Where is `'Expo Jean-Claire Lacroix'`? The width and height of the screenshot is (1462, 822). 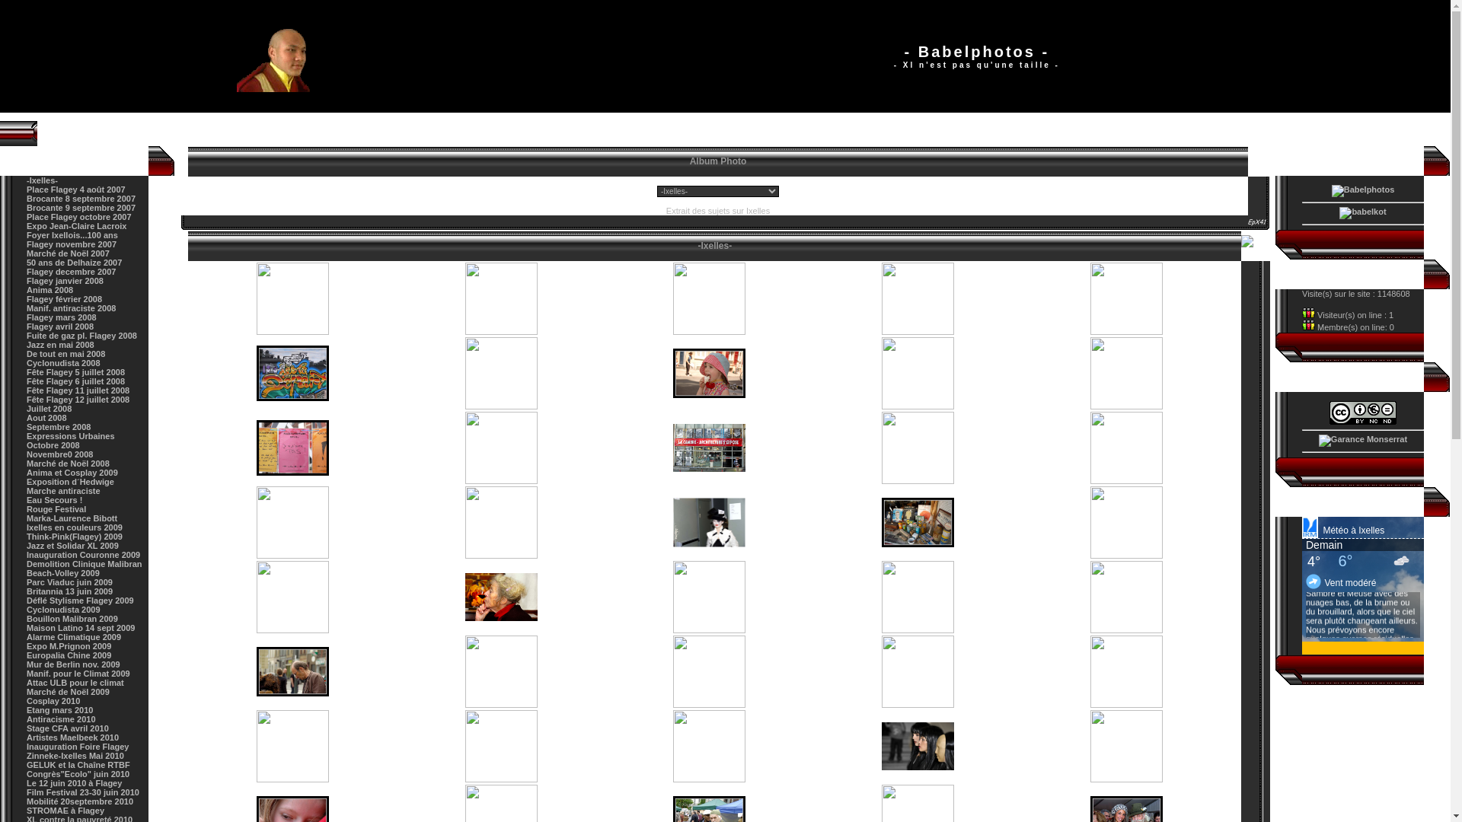 'Expo Jean-Claire Lacroix' is located at coordinates (75, 226).